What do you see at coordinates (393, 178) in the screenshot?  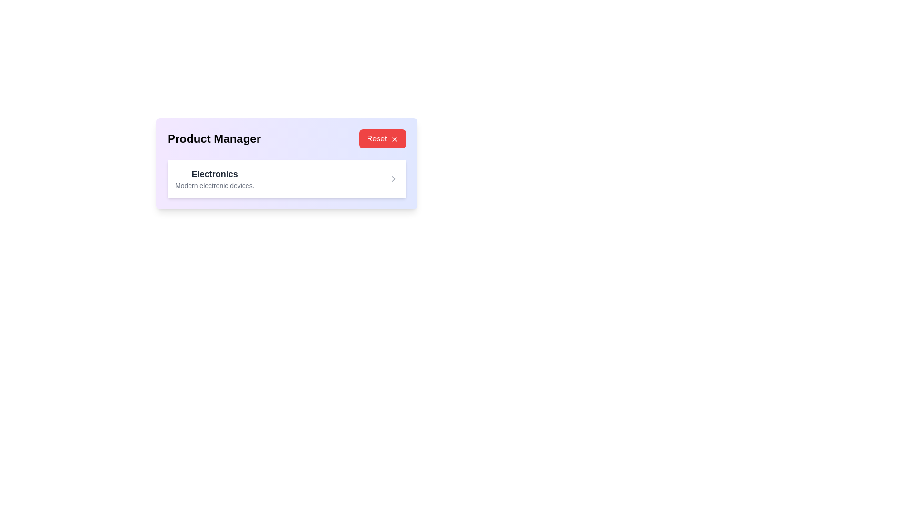 I see `the vector icon or arrow chevron located in the middle-right area of the white rectangular block labeled 'Electronics'` at bounding box center [393, 178].